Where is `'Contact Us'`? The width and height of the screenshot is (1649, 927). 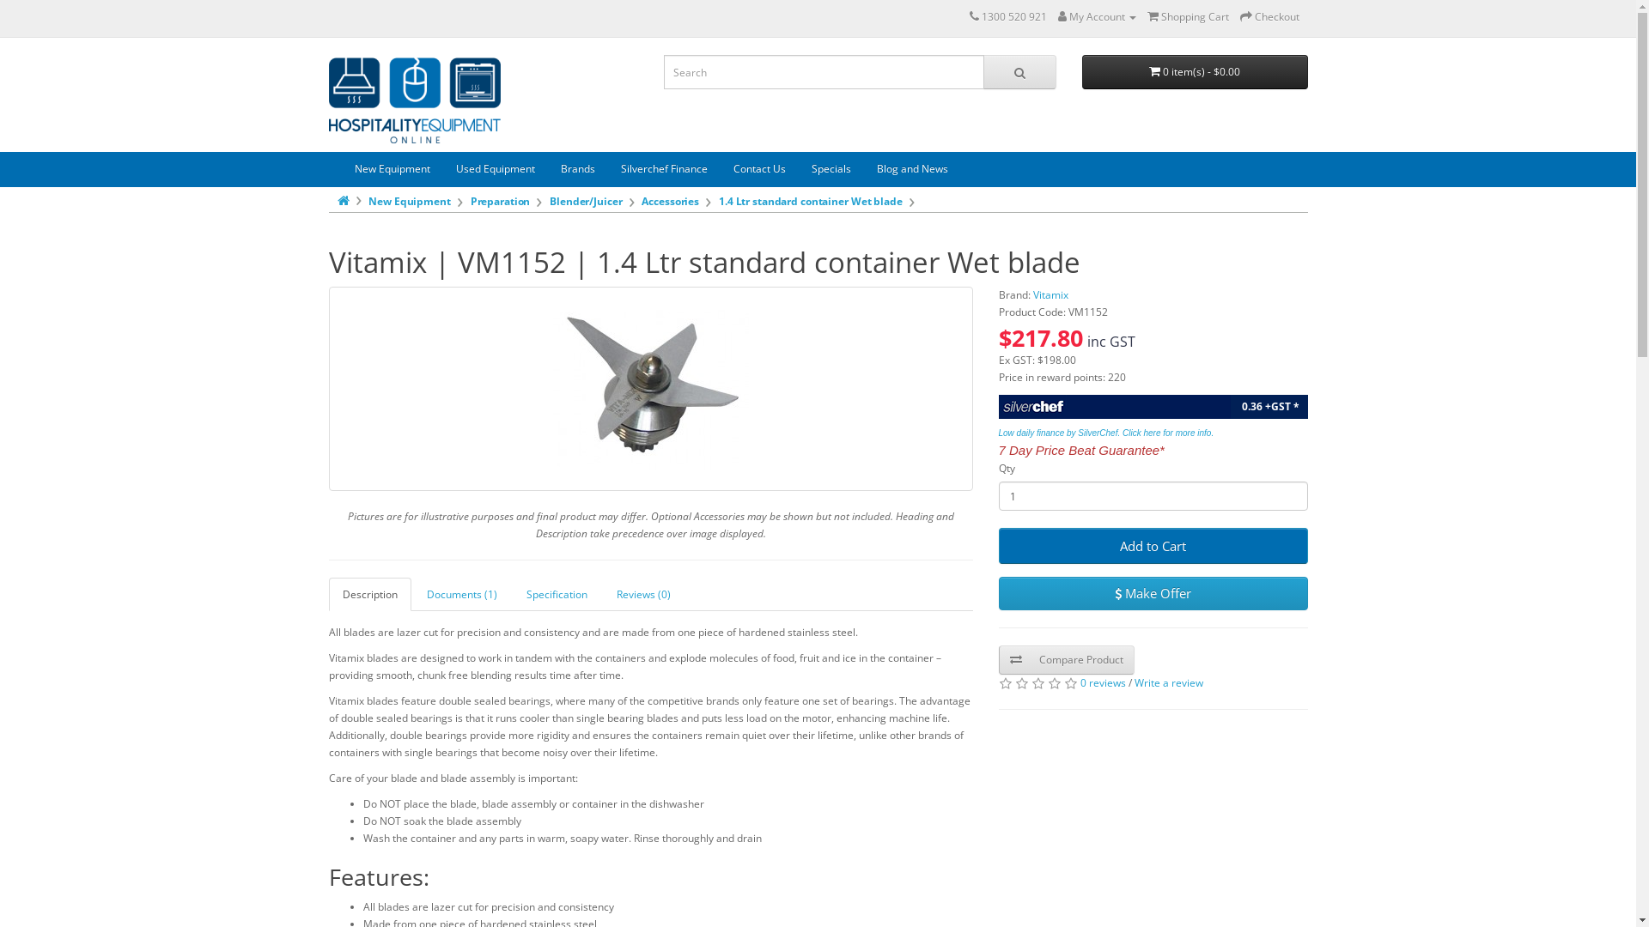 'Contact Us' is located at coordinates (720, 168).